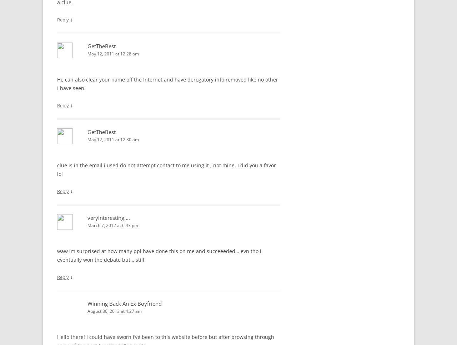  I want to click on 'August 30, 2013 at 4:27 am', so click(87, 311).